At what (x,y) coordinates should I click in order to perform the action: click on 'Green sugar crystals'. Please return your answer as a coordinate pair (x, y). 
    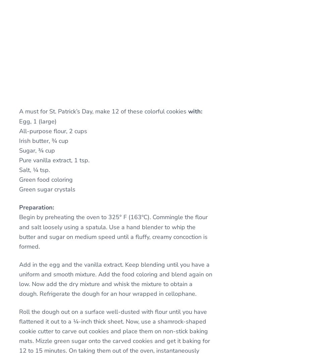
    Looking at the image, I should click on (18, 189).